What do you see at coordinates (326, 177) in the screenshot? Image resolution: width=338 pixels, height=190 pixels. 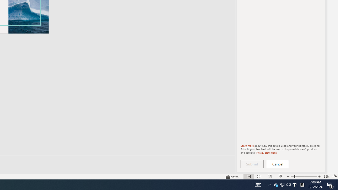 I see `'Zoom 32%'` at bounding box center [326, 177].